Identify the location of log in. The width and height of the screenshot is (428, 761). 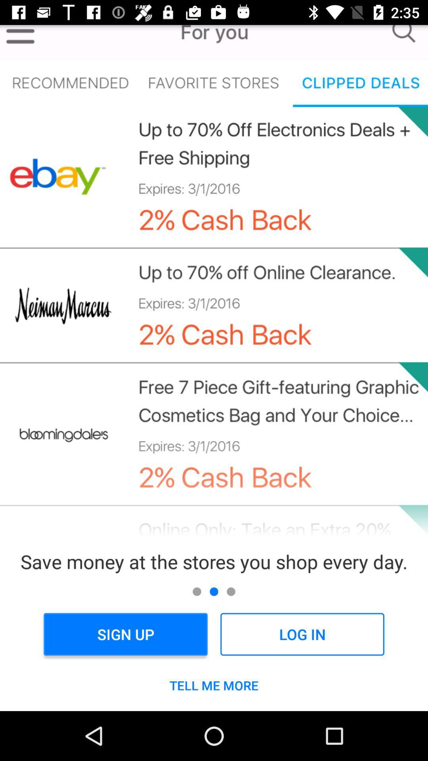
(302, 634).